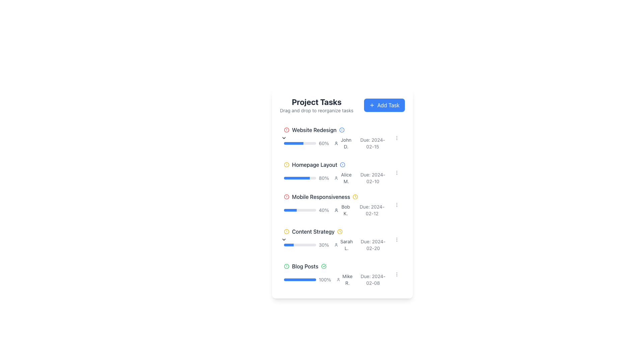  Describe the element at coordinates (314, 165) in the screenshot. I see `the text label for the task entry labeled 'Homepage Layout', which is the second task entry in the vertical list of project tasks` at that location.